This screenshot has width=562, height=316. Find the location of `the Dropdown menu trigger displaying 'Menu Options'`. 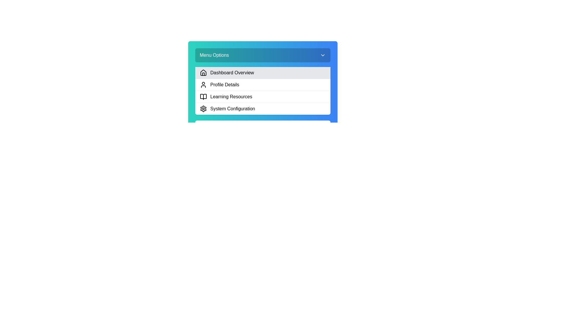

the Dropdown menu trigger displaying 'Menu Options' is located at coordinates (262, 55).